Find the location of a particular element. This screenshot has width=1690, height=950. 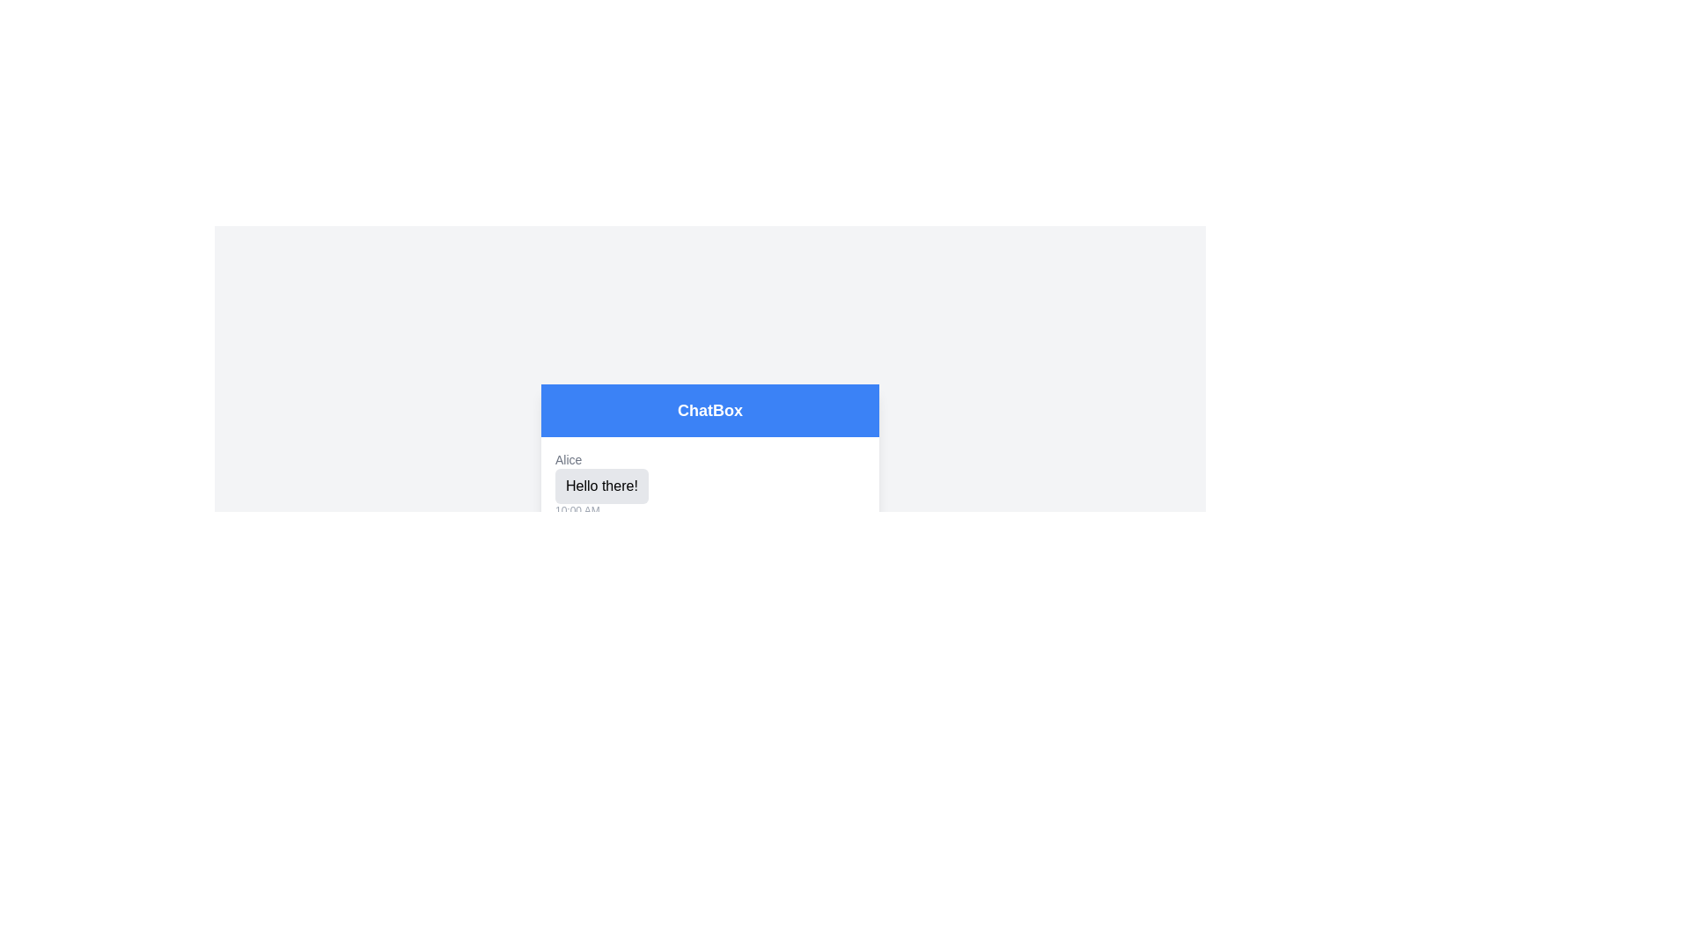

the non-interactive text display element that shows a message in the chat interface, positioned beneath the username label 'Alice' and above the timestamp '10:00 AM' is located at coordinates (601, 486).